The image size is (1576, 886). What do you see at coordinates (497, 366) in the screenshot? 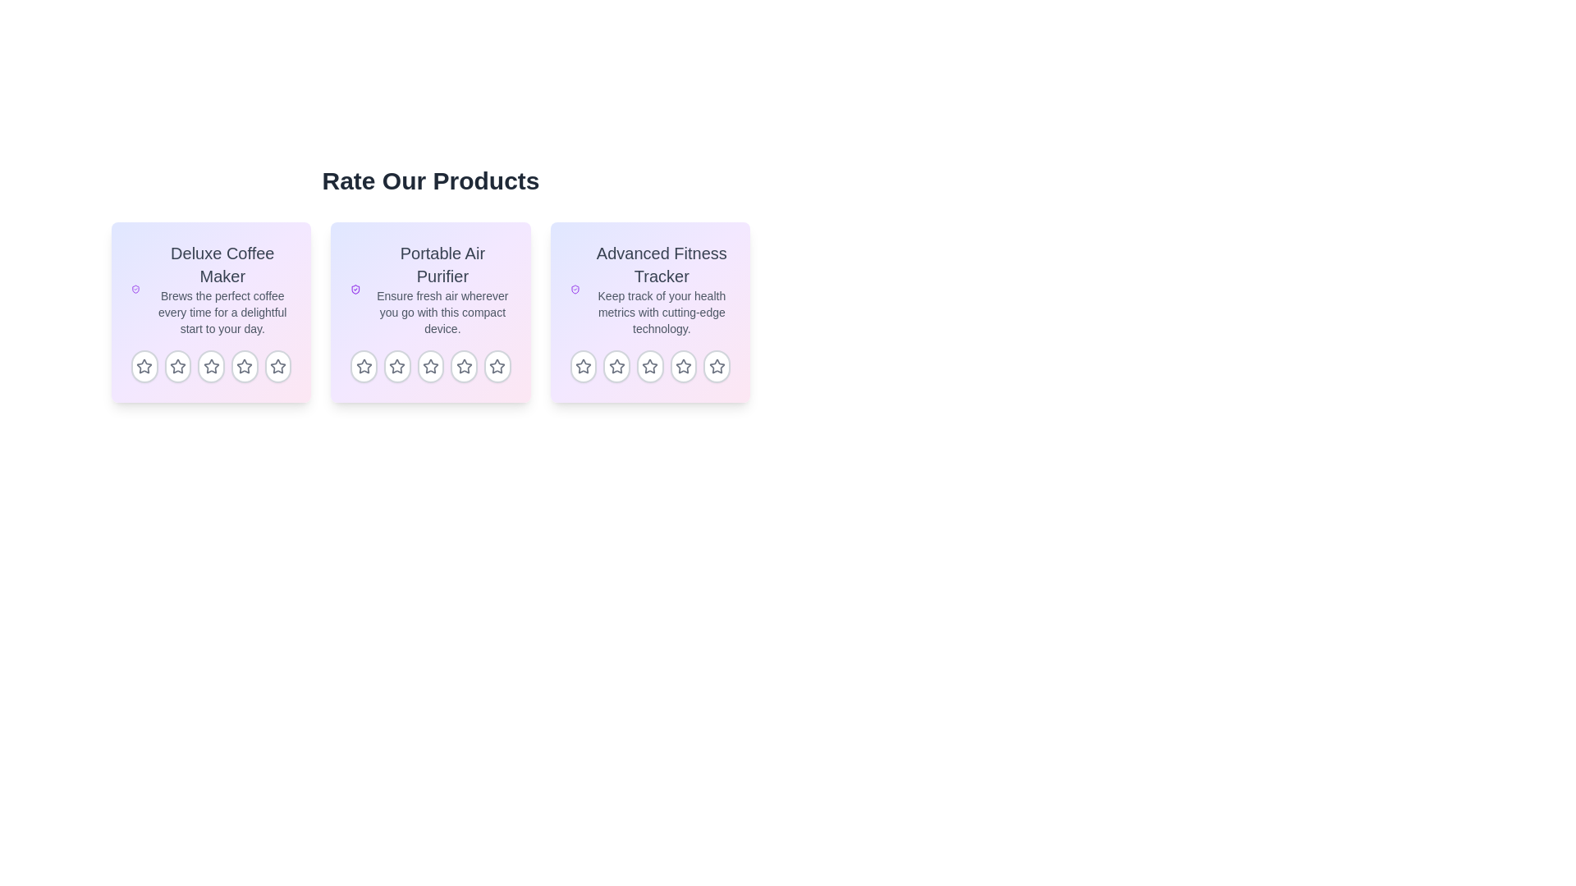
I see `the fifth star button` at bounding box center [497, 366].